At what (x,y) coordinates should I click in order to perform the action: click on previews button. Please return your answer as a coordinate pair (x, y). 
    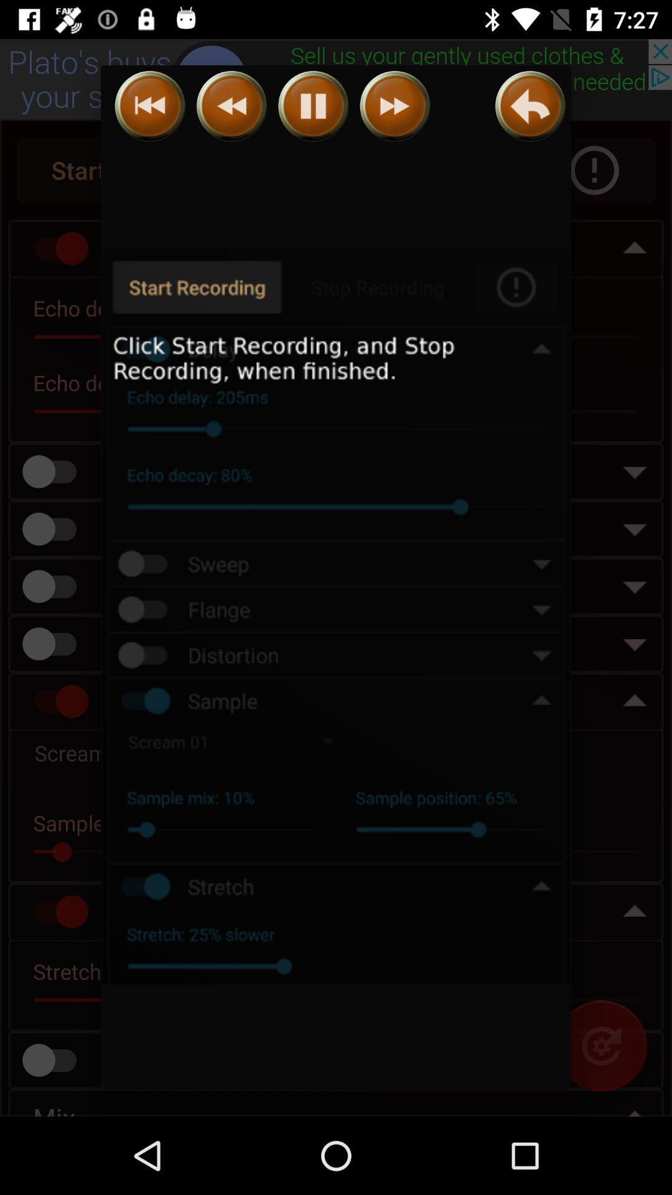
    Looking at the image, I should click on (231, 106).